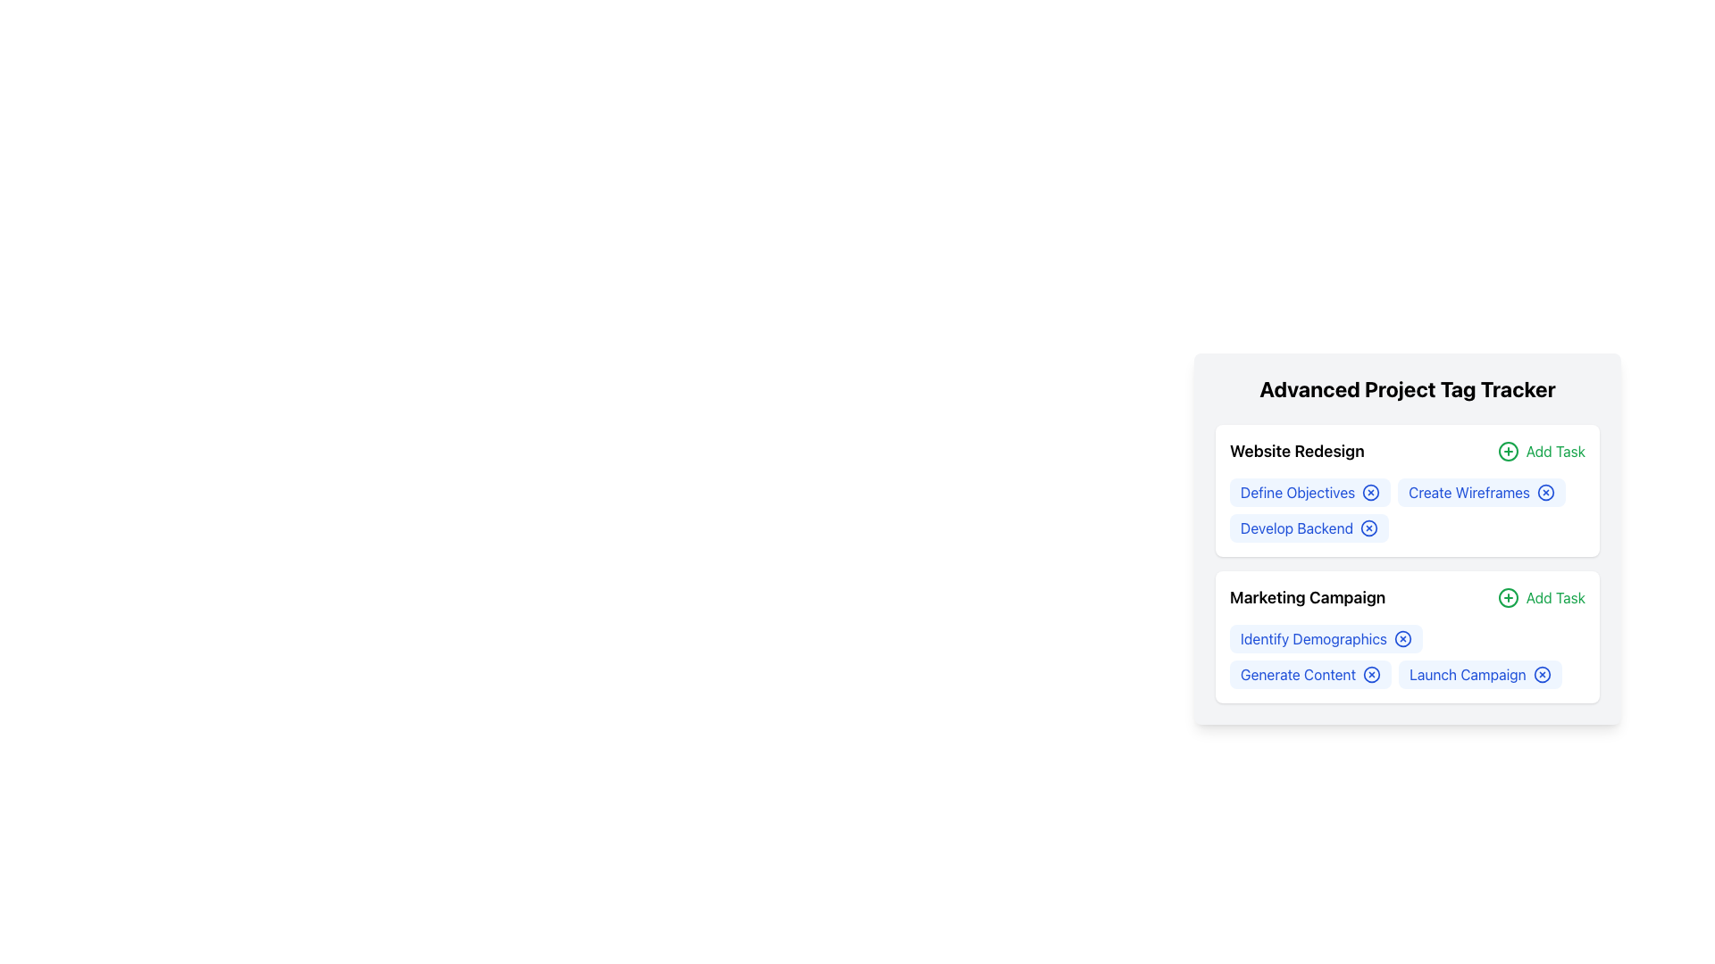 The height and width of the screenshot is (964, 1715). Describe the element at coordinates (1507, 450) in the screenshot. I see `the icon/button located to the right of the 'Add Task' text in the 'Website Redesign' section` at that location.